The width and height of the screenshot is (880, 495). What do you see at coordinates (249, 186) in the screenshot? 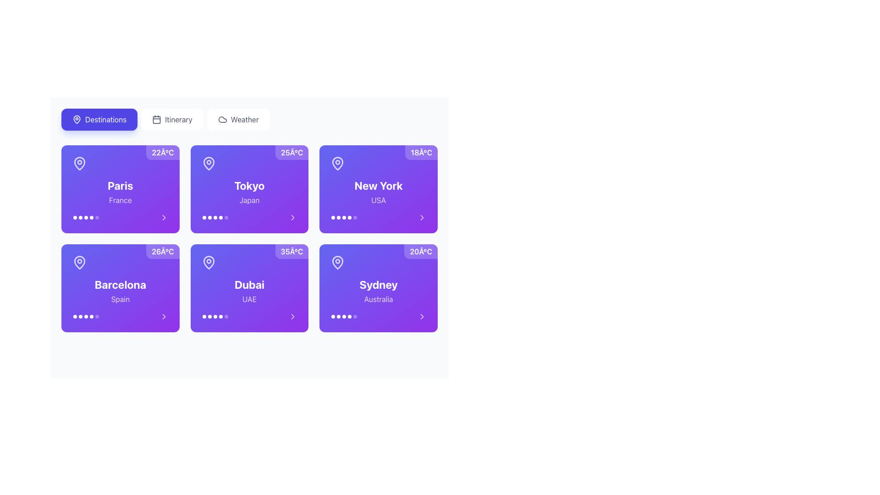
I see `text content of the label displaying 'Tokyo', which is styled in bold, large white font on a purple gradient background and positioned above the word 'Japan'` at bounding box center [249, 186].